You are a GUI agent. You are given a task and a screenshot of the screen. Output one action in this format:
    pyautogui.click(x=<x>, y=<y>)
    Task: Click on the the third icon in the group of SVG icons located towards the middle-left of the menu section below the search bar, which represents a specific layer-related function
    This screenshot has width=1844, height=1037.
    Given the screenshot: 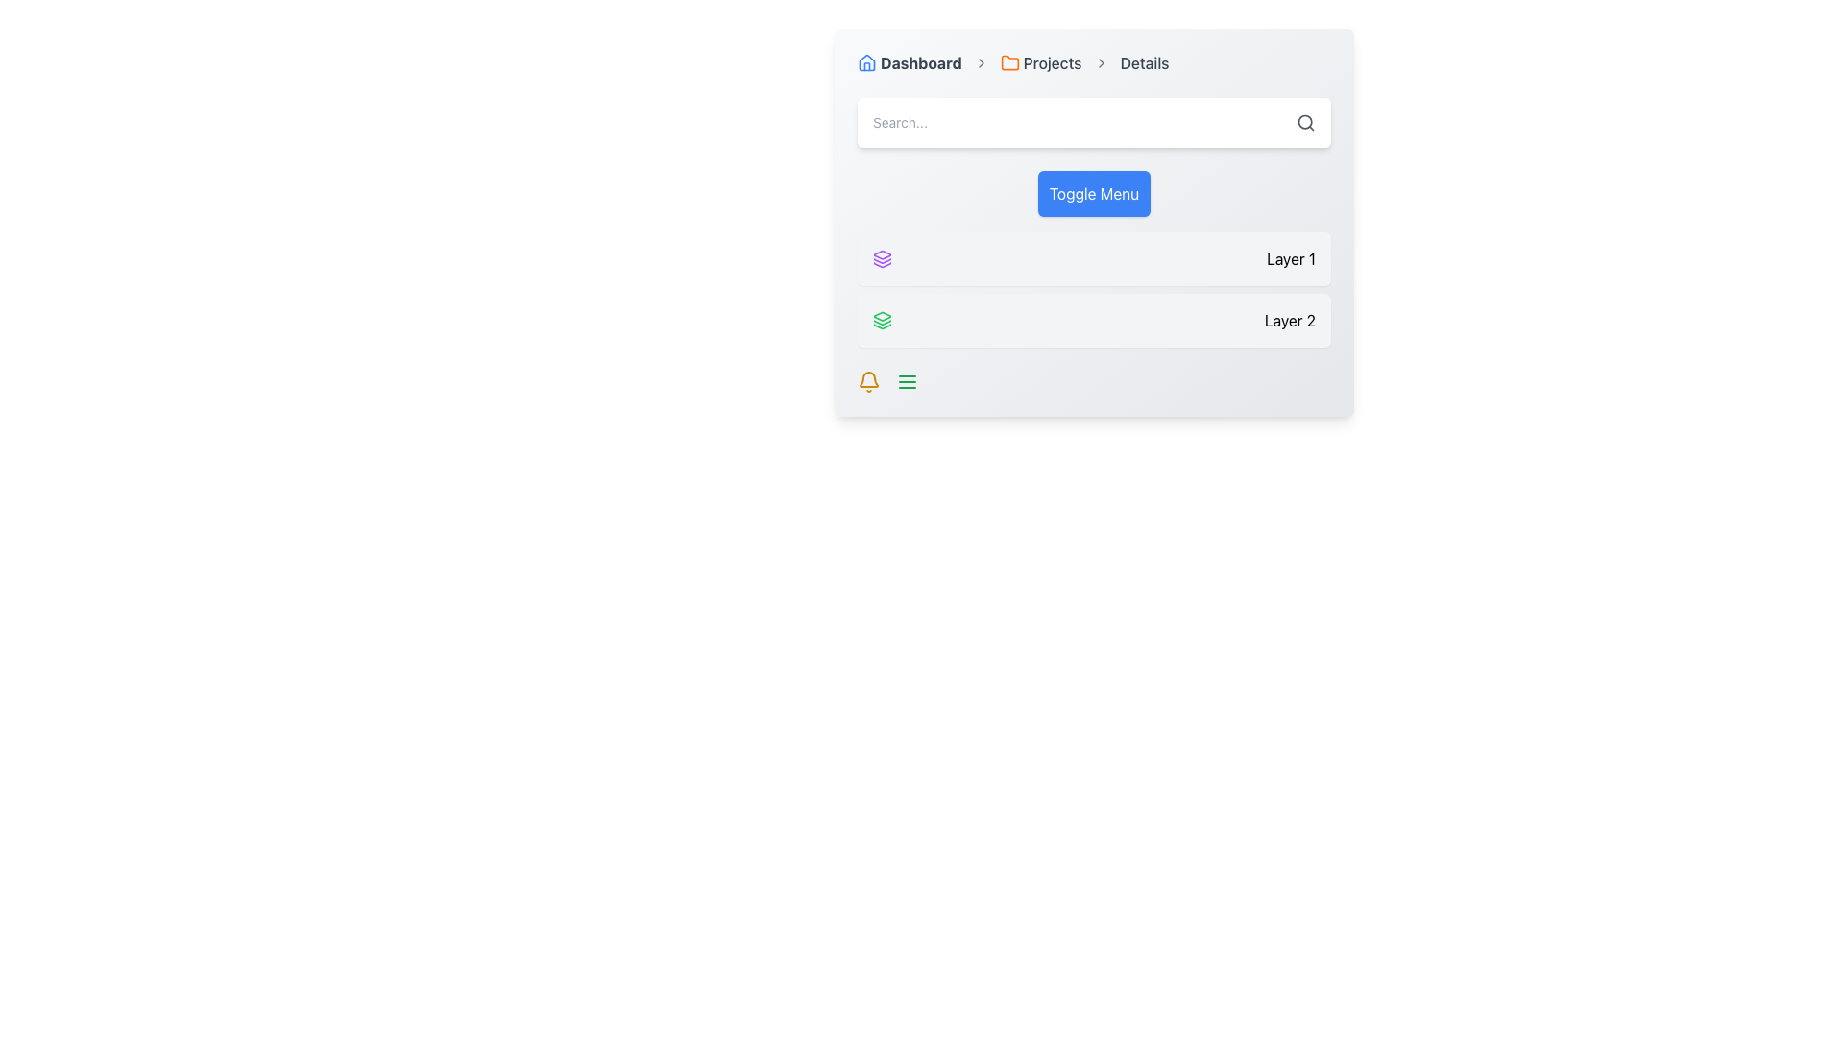 What is the action you would take?
    pyautogui.click(x=881, y=326)
    